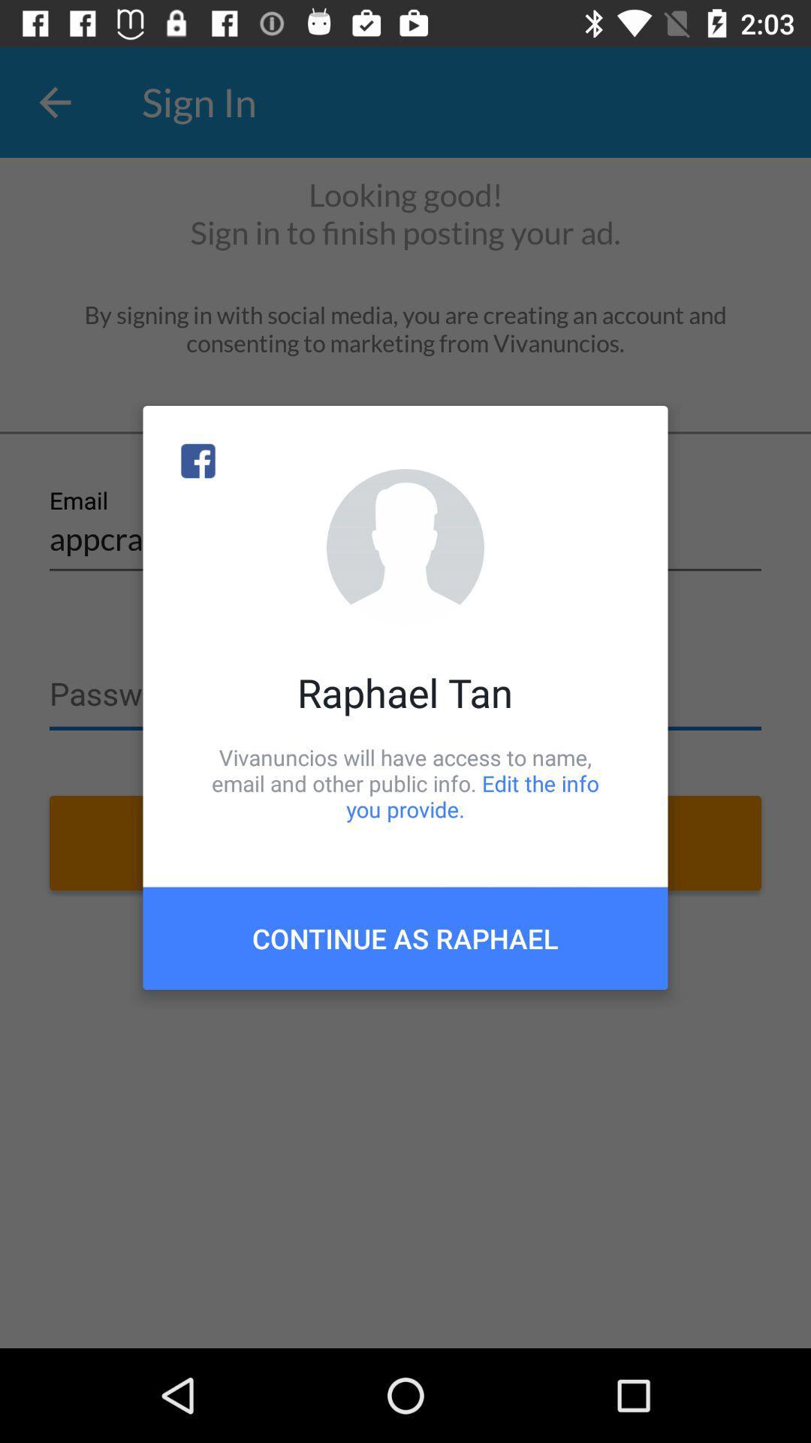 The width and height of the screenshot is (811, 1443). I want to click on the icon below raphael tan icon, so click(405, 782).